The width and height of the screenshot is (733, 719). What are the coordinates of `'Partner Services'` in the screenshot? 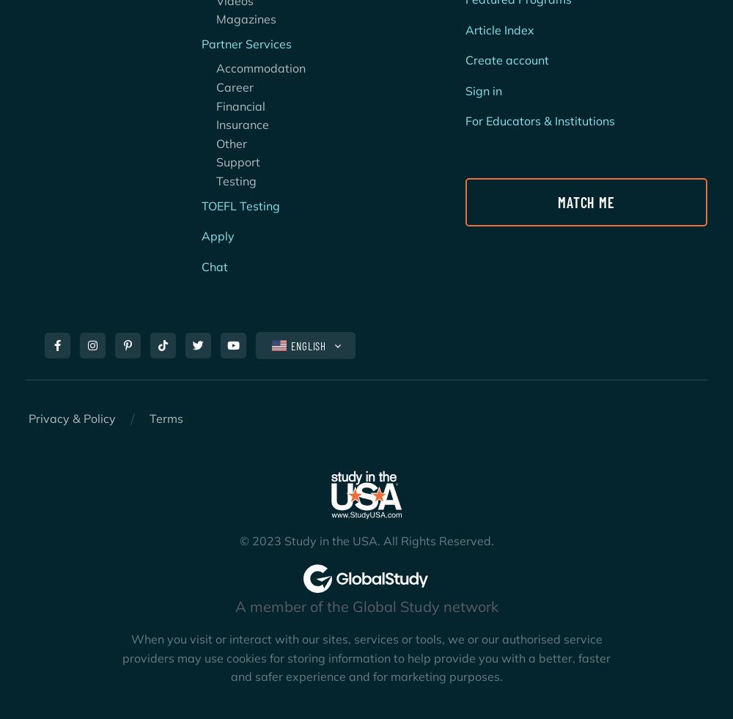 It's located at (246, 42).